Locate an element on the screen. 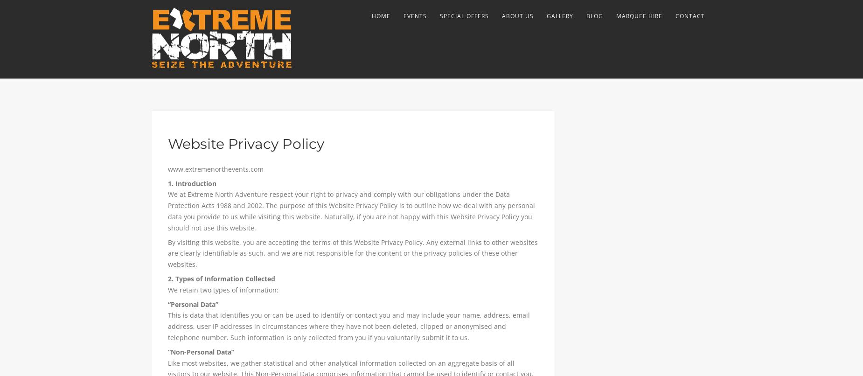  'By visiting this website, you are accepting the terms of this Website Privacy Policy. Any external links to other websites are clearly identifiable as such, and we are not responsible for the content or the privacy policies of these other websites.' is located at coordinates (167, 253).